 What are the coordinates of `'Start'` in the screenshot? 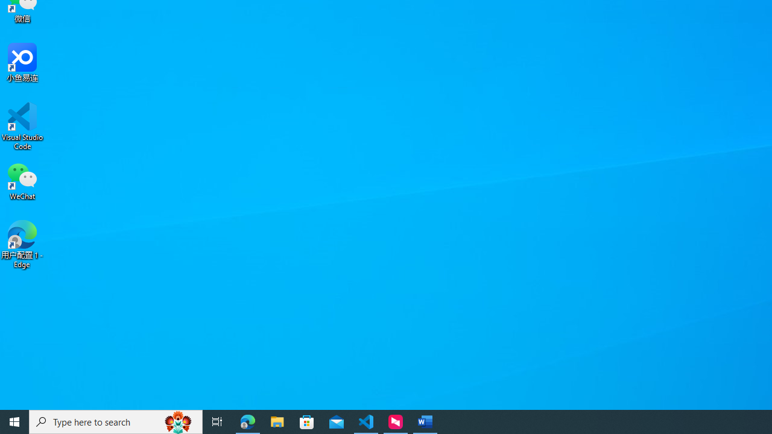 It's located at (14, 421).